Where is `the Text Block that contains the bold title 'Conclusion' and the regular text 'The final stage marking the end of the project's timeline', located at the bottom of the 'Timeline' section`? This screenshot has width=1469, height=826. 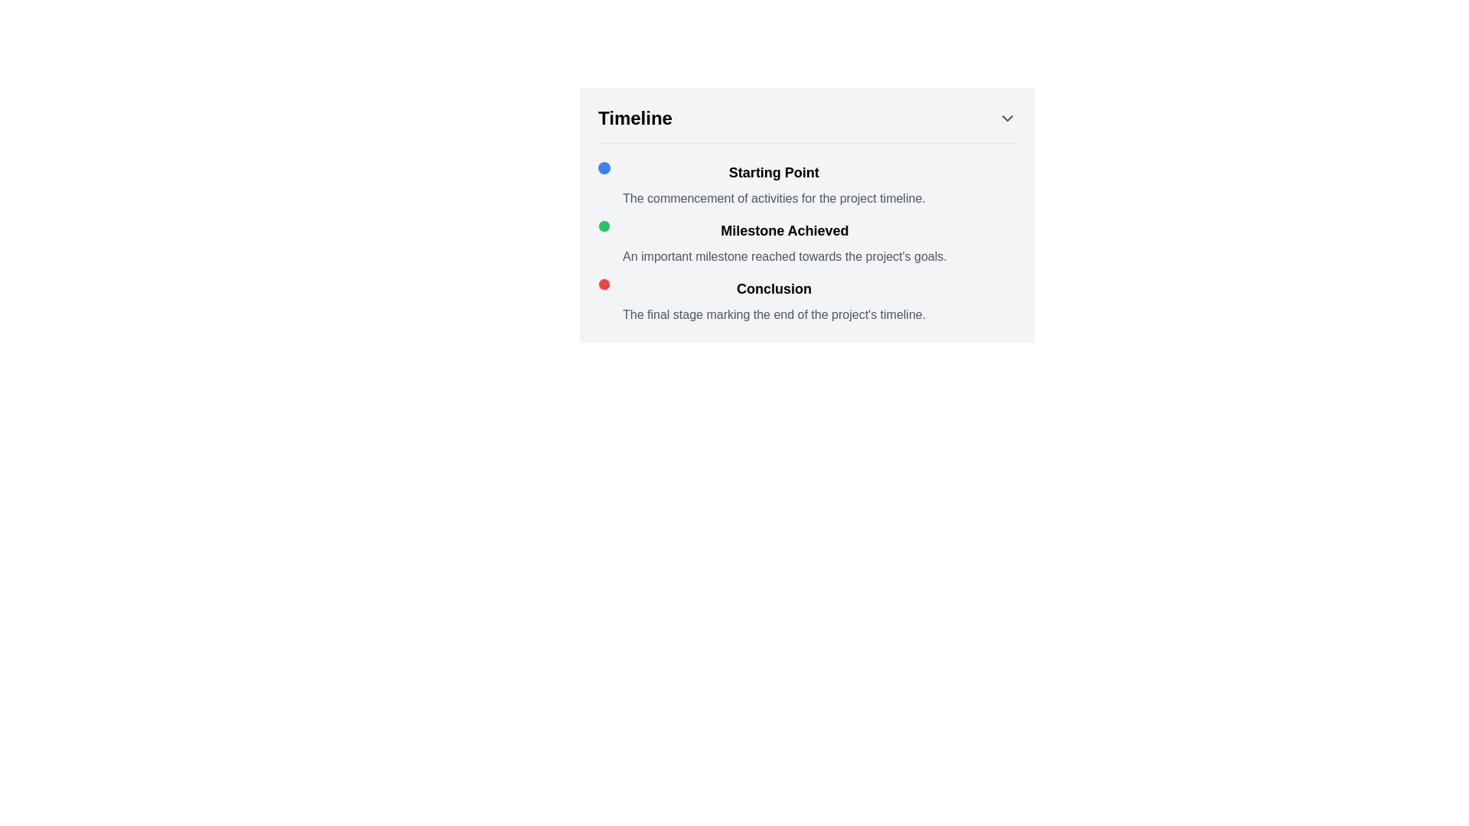 the Text Block that contains the bold title 'Conclusion' and the regular text 'The final stage marking the end of the project's timeline', located at the bottom of the 'Timeline' section is located at coordinates (774, 301).